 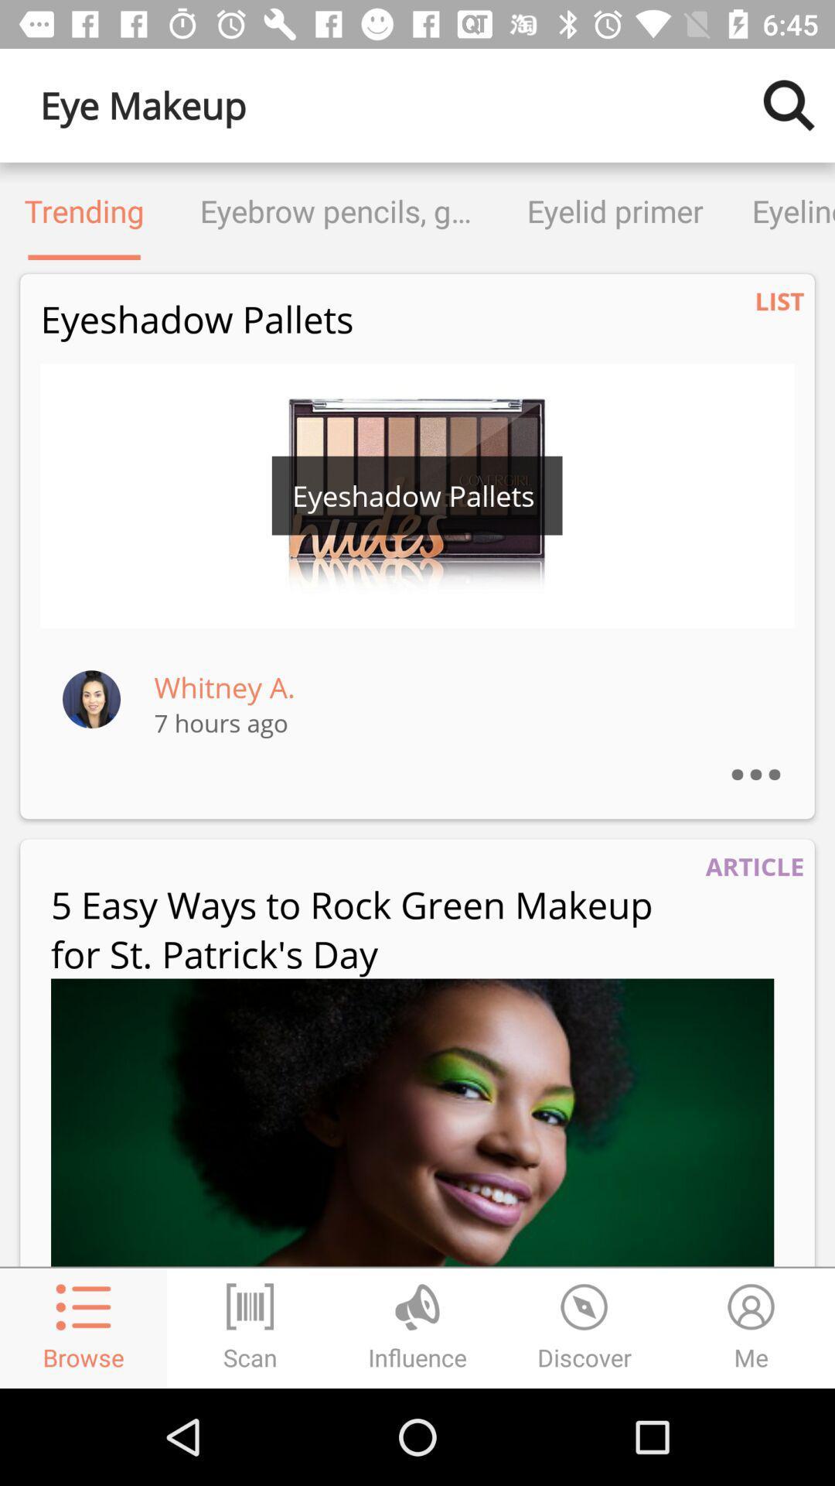 I want to click on the ..., so click(x=771, y=754).